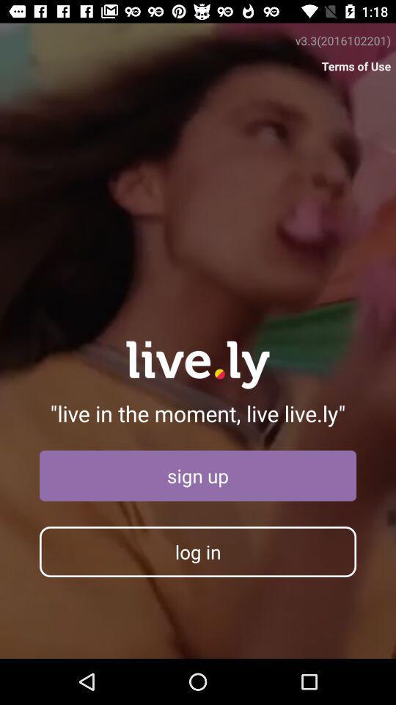 This screenshot has width=396, height=705. Describe the element at coordinates (198, 475) in the screenshot. I see `sign up` at that location.